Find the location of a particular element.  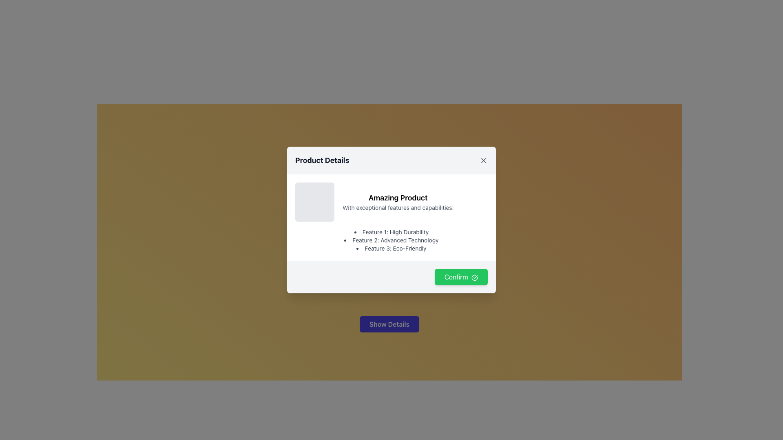

the 'Show Details' button, which is a rectangular button with a dark indigo background and white text is located at coordinates (389, 323).